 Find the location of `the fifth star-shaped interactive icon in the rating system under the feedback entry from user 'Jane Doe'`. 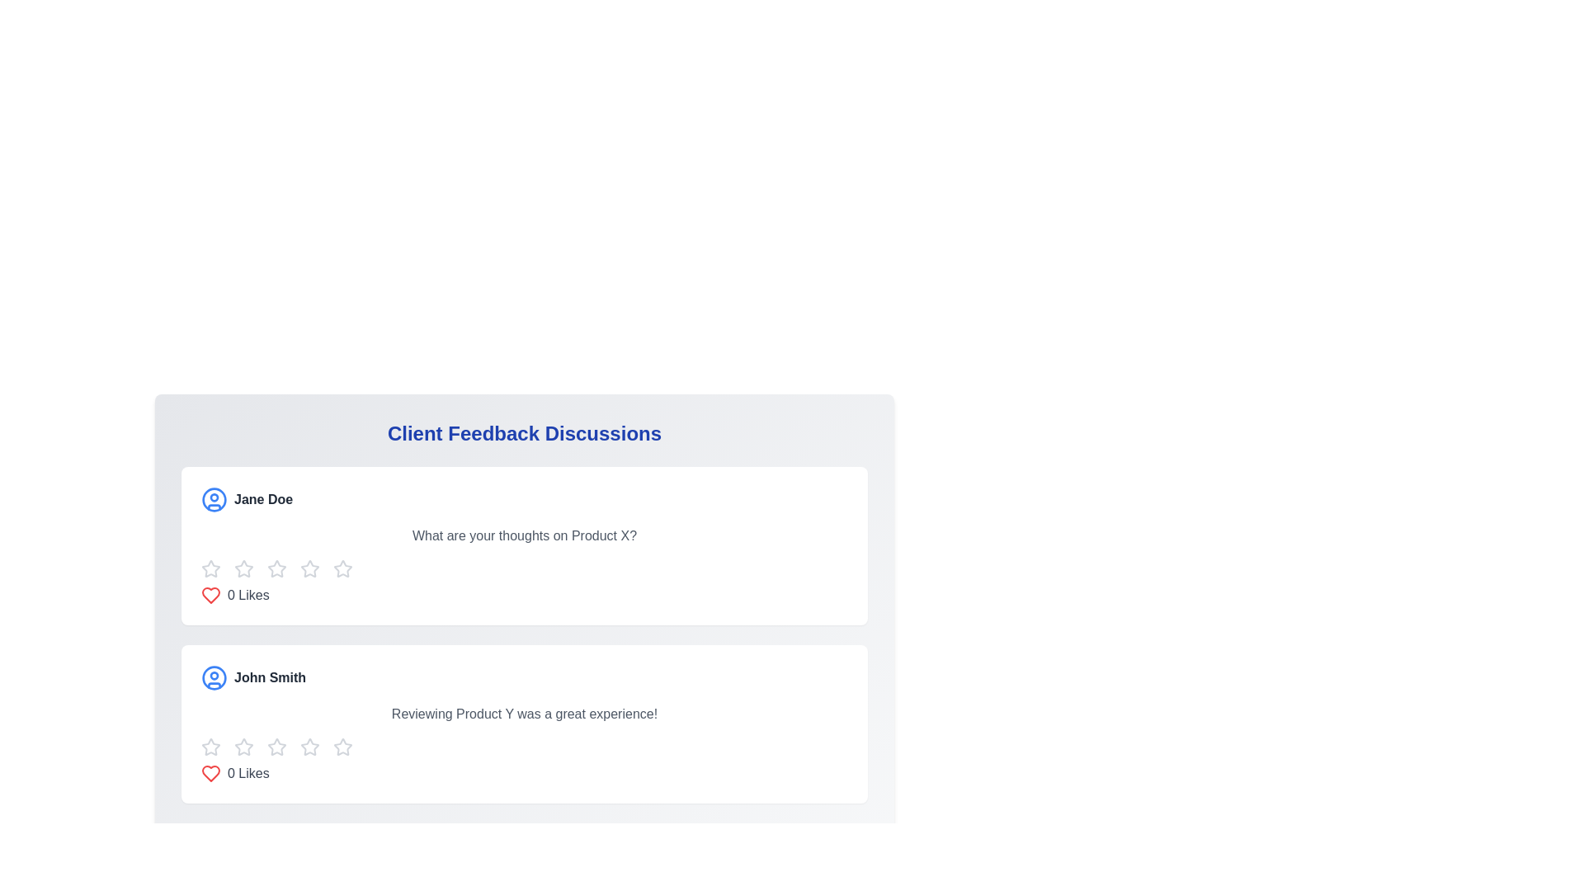

the fifth star-shaped interactive icon in the rating system under the feedback entry from user 'Jane Doe' is located at coordinates (309, 568).